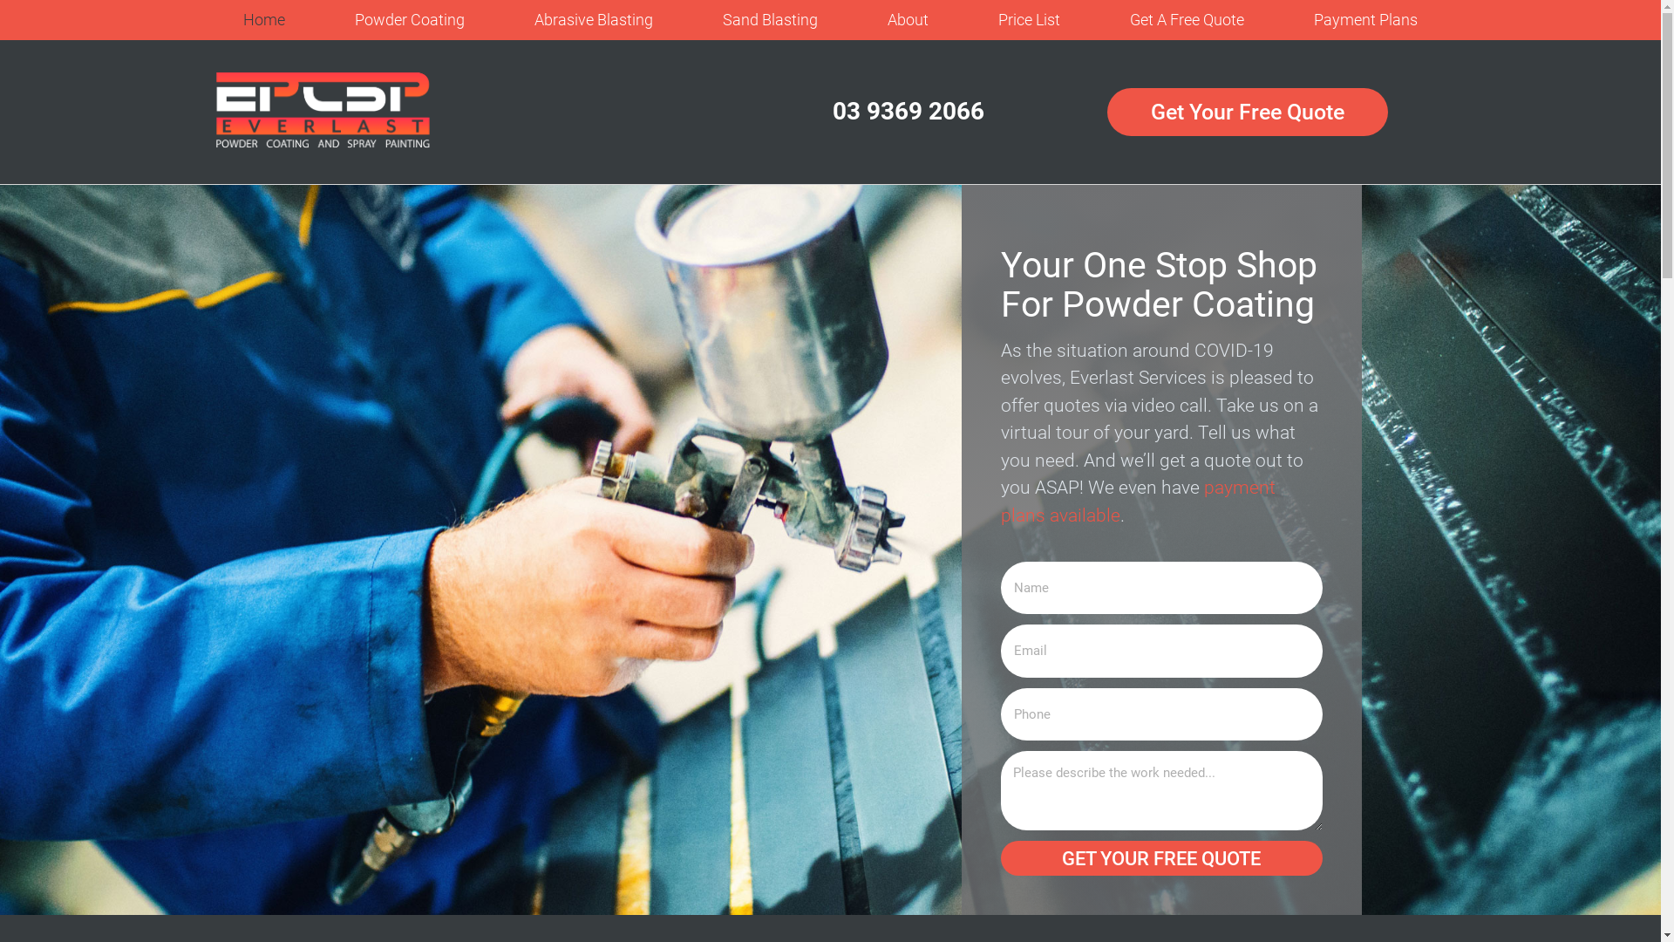 This screenshot has height=942, width=1674. What do you see at coordinates (1279, 20) in the screenshot?
I see `'Payment Plans'` at bounding box center [1279, 20].